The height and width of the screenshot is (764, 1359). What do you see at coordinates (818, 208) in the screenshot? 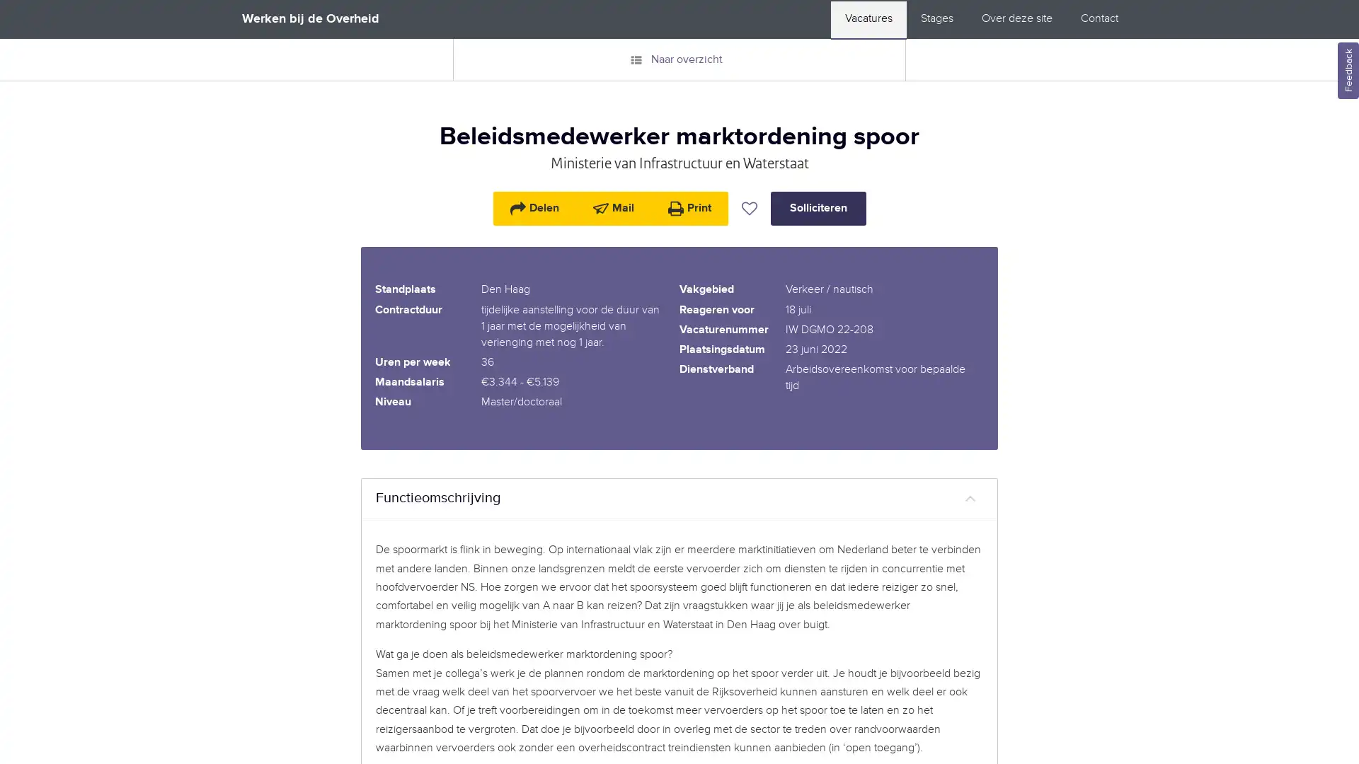
I see `Solliciteren` at bounding box center [818, 208].